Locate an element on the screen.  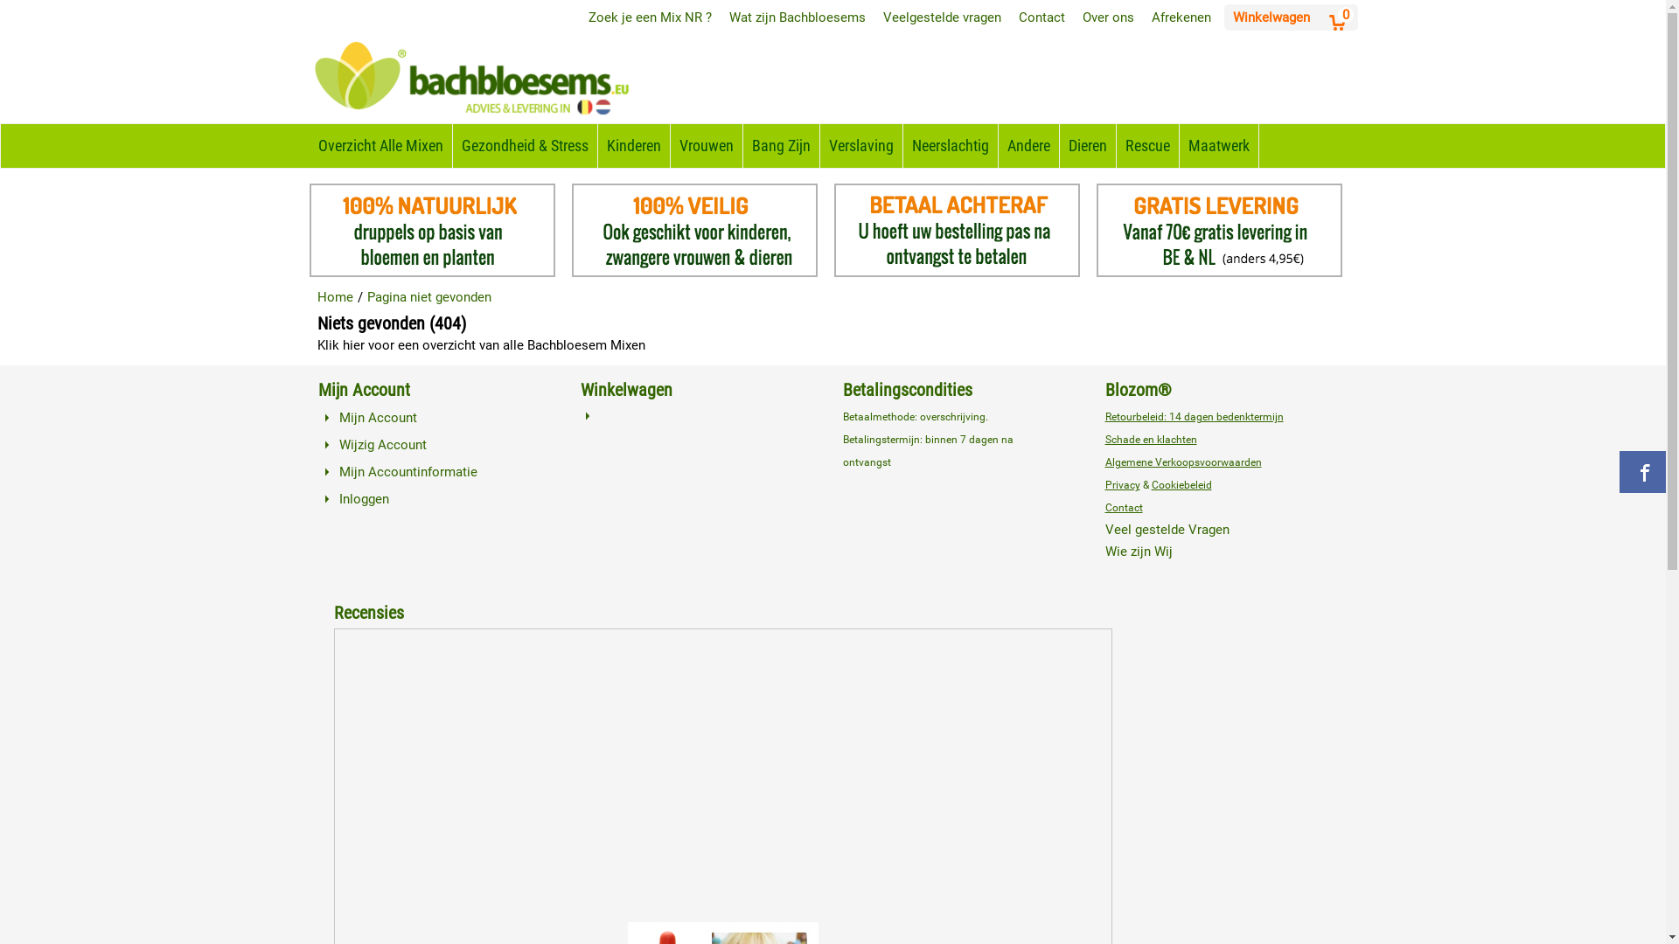
'Verslaving' is located at coordinates (860, 144).